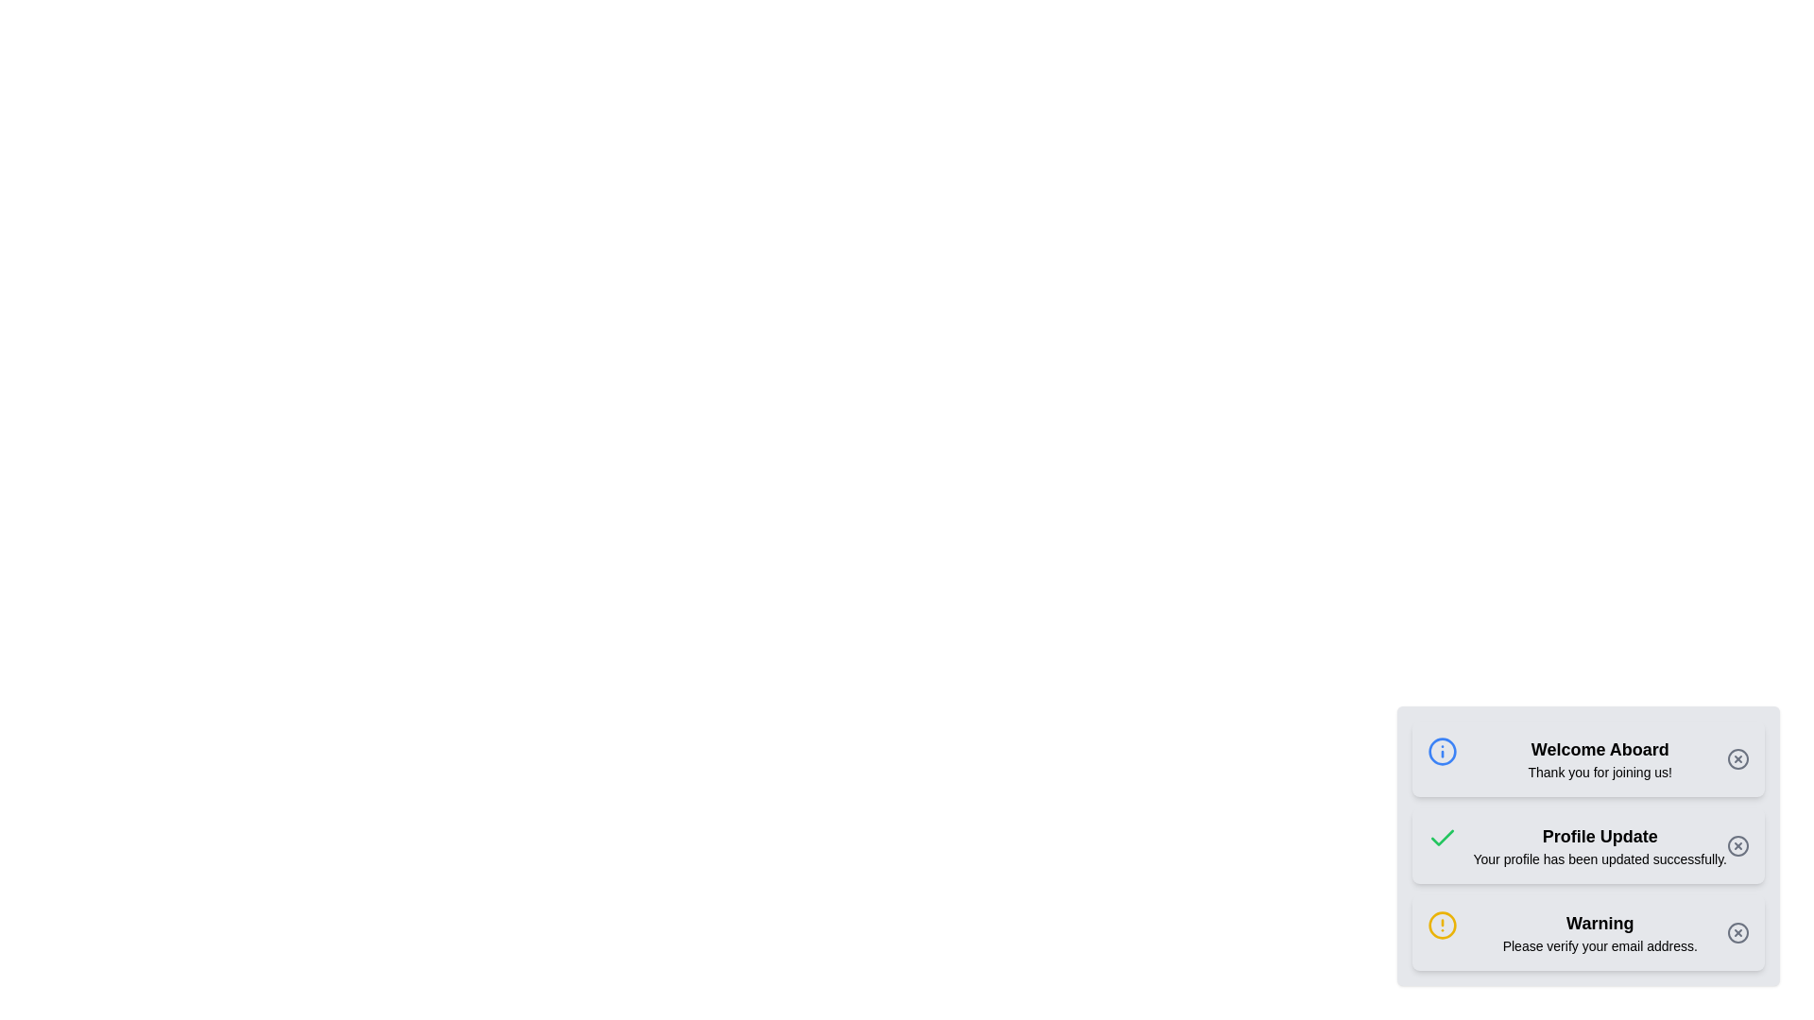 The height and width of the screenshot is (1020, 1814). Describe the element at coordinates (1442, 844) in the screenshot. I see `the green checkmark icon located` at that location.